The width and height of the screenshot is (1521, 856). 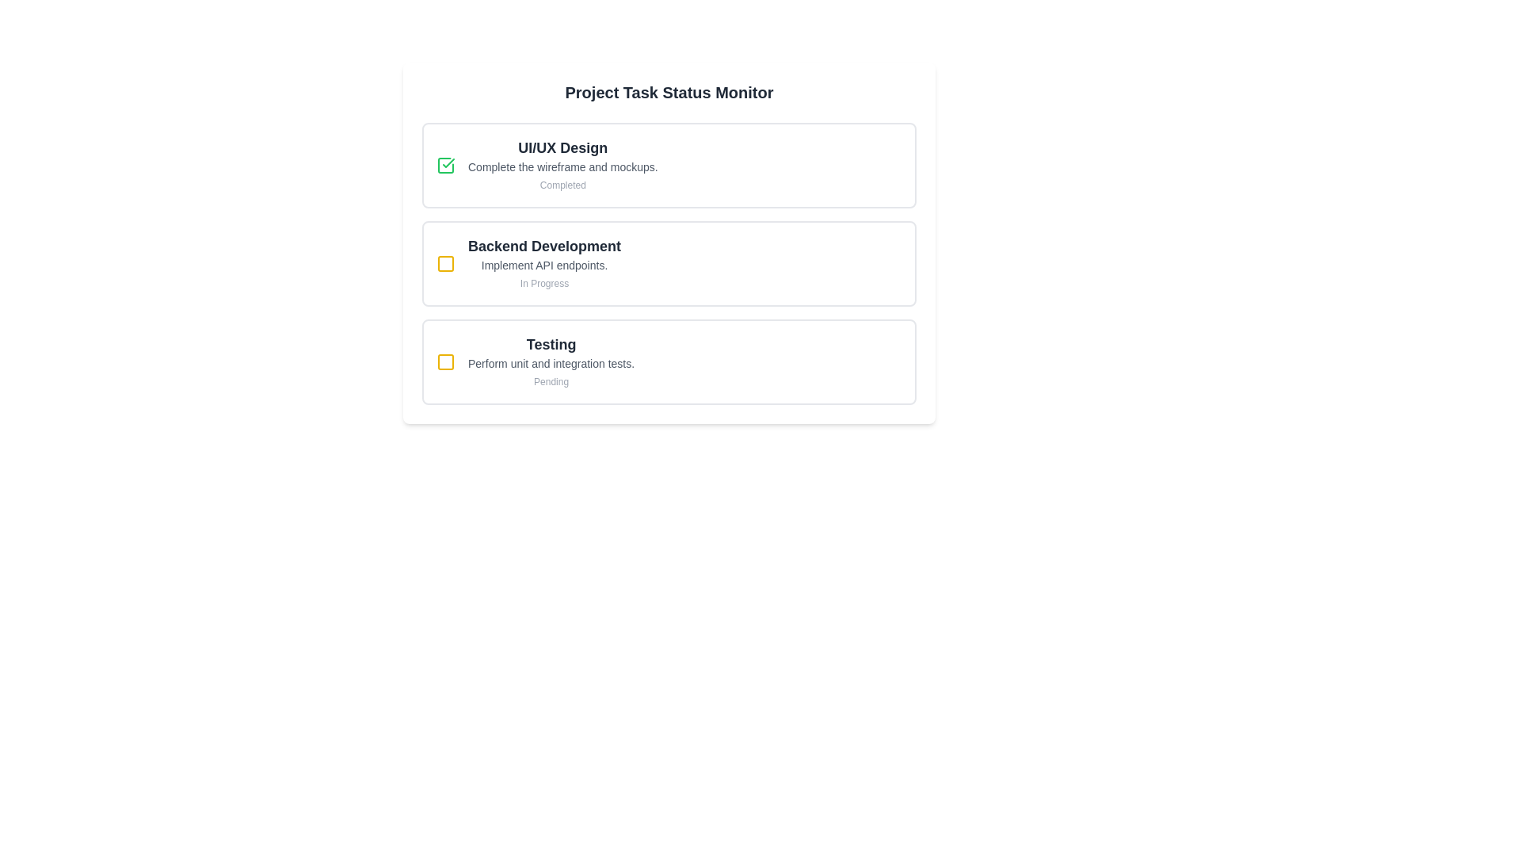 I want to click on small square-shaped icon with rounded corners located inside the yellow square checkbox next to the 'Backend Development' section, so click(x=444, y=262).